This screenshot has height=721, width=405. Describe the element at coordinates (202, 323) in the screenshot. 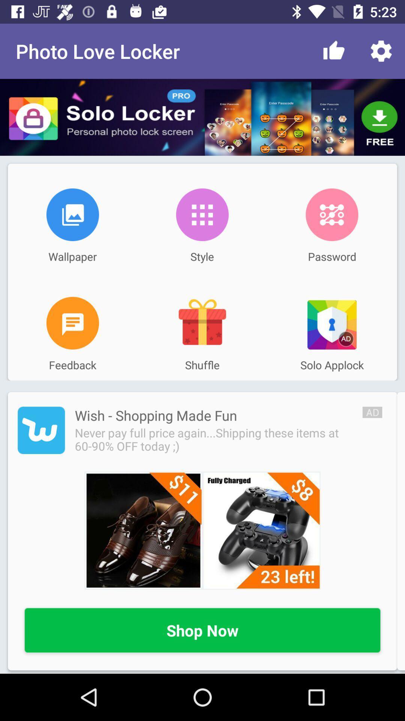

I see `icon to the right of the feedback icon` at that location.